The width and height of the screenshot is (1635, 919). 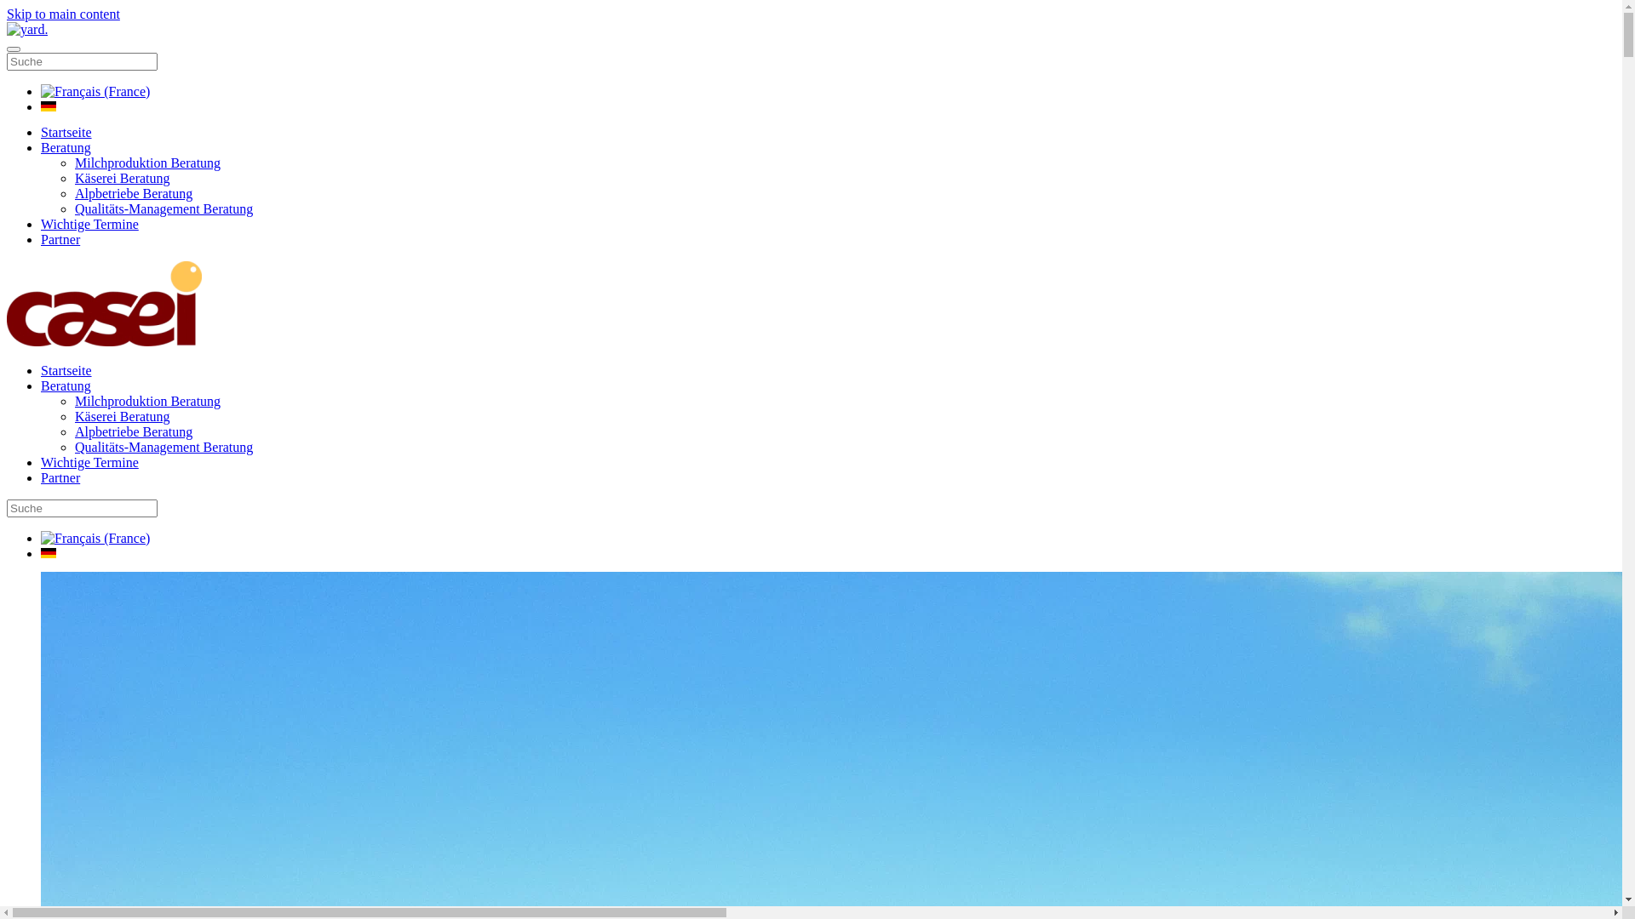 I want to click on 'Milchproduktion Beratung', so click(x=147, y=163).